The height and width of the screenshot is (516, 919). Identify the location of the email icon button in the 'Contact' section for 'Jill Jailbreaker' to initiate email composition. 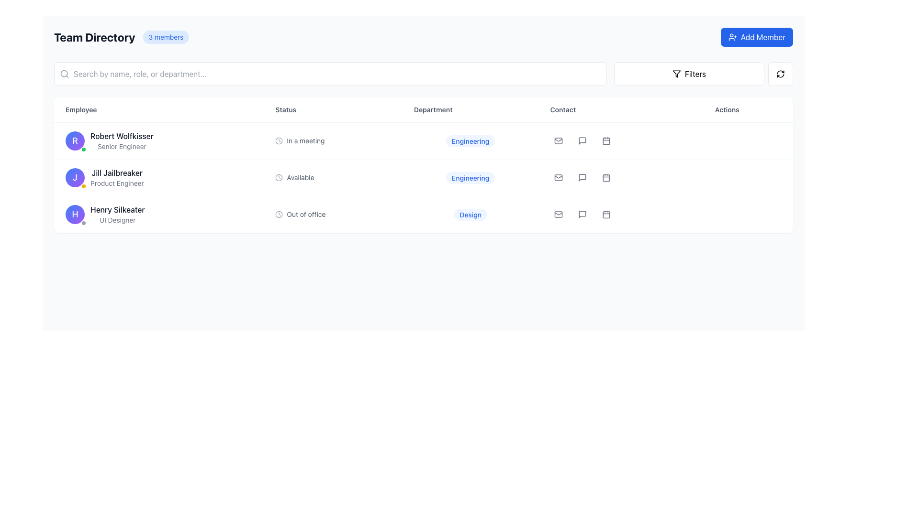
(558, 177).